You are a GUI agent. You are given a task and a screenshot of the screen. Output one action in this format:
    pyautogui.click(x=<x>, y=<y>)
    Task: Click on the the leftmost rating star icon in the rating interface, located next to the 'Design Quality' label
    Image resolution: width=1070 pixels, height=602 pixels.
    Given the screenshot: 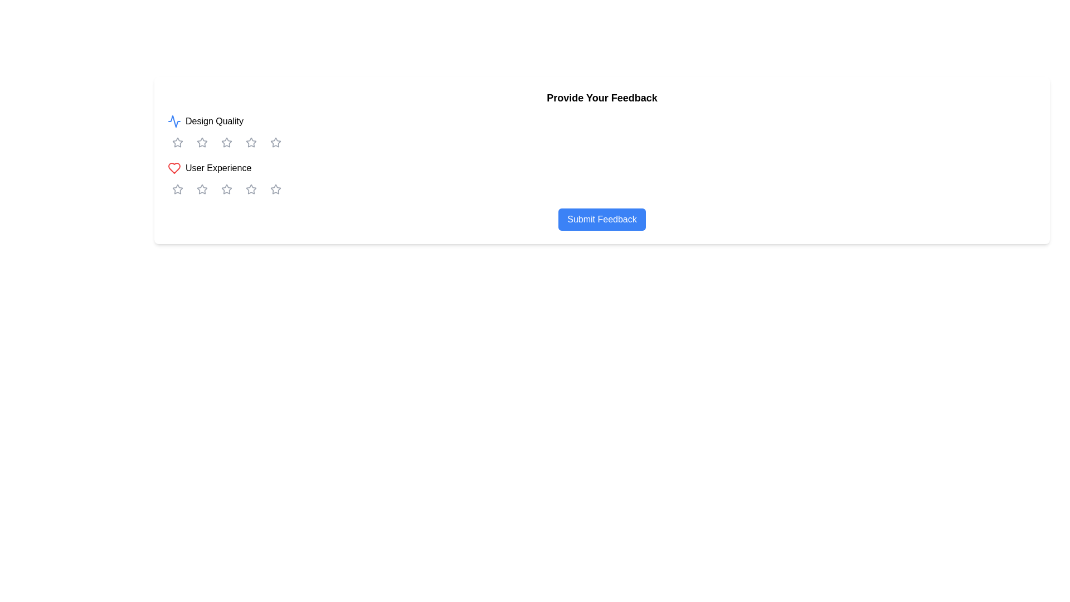 What is the action you would take?
    pyautogui.click(x=177, y=142)
    